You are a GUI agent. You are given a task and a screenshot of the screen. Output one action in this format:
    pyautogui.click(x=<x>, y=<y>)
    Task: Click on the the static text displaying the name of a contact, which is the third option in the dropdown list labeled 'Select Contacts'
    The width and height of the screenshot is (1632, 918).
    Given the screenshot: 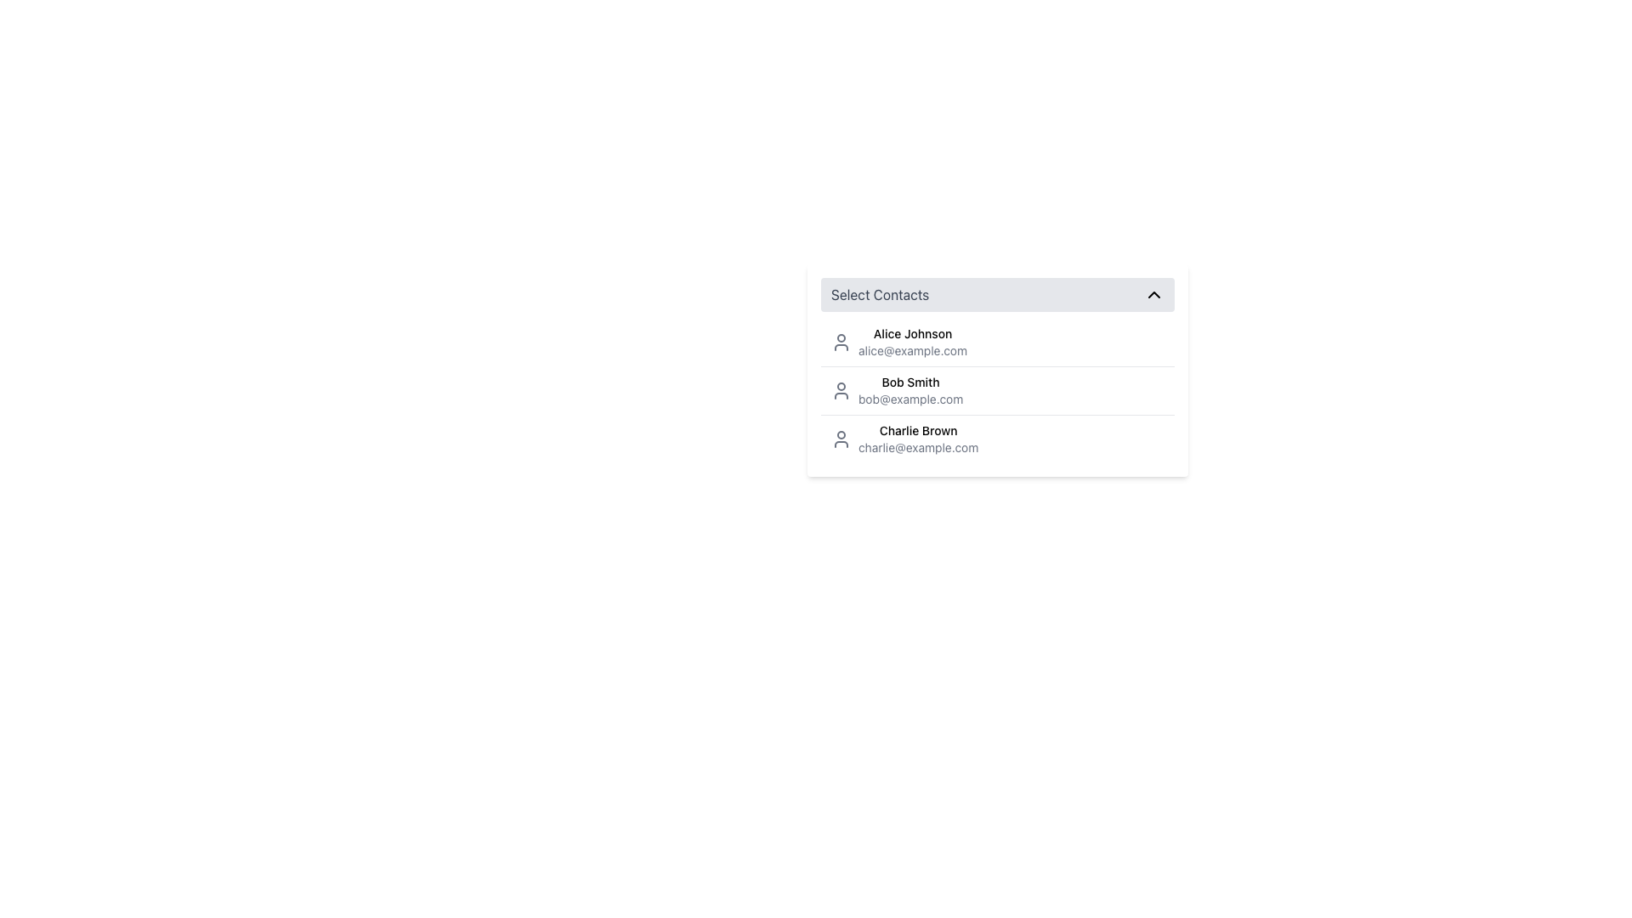 What is the action you would take?
    pyautogui.click(x=917, y=429)
    